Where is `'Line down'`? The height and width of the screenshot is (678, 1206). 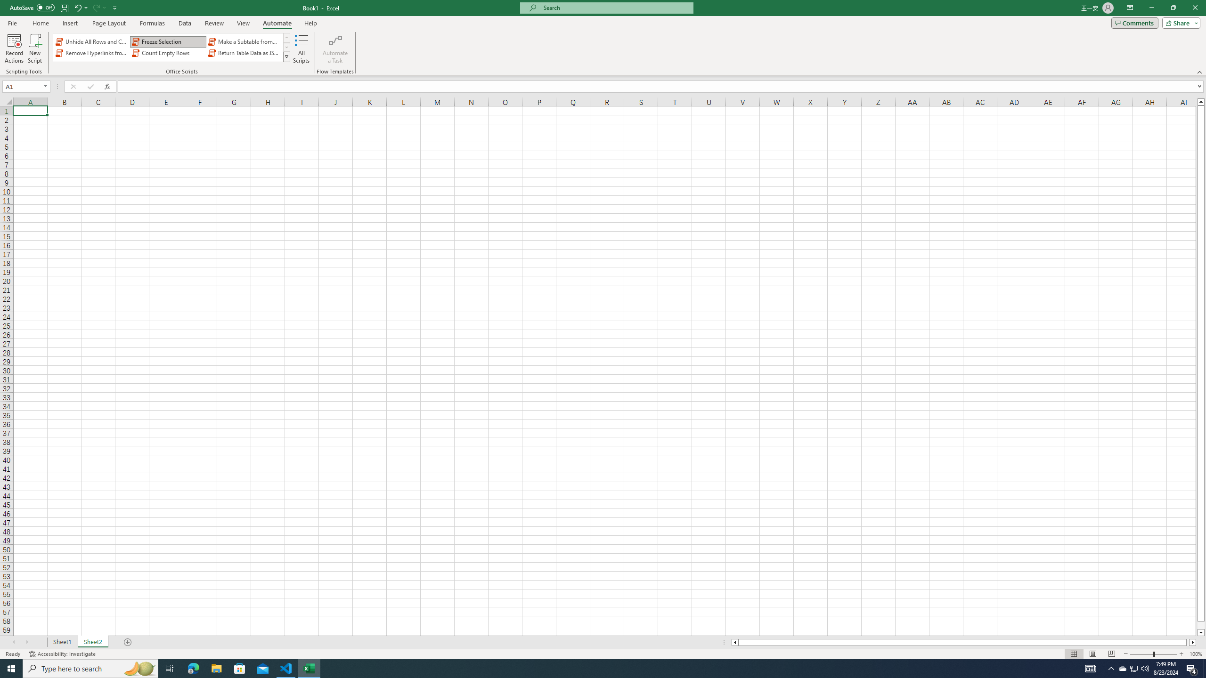
'Line down' is located at coordinates (1200, 633).